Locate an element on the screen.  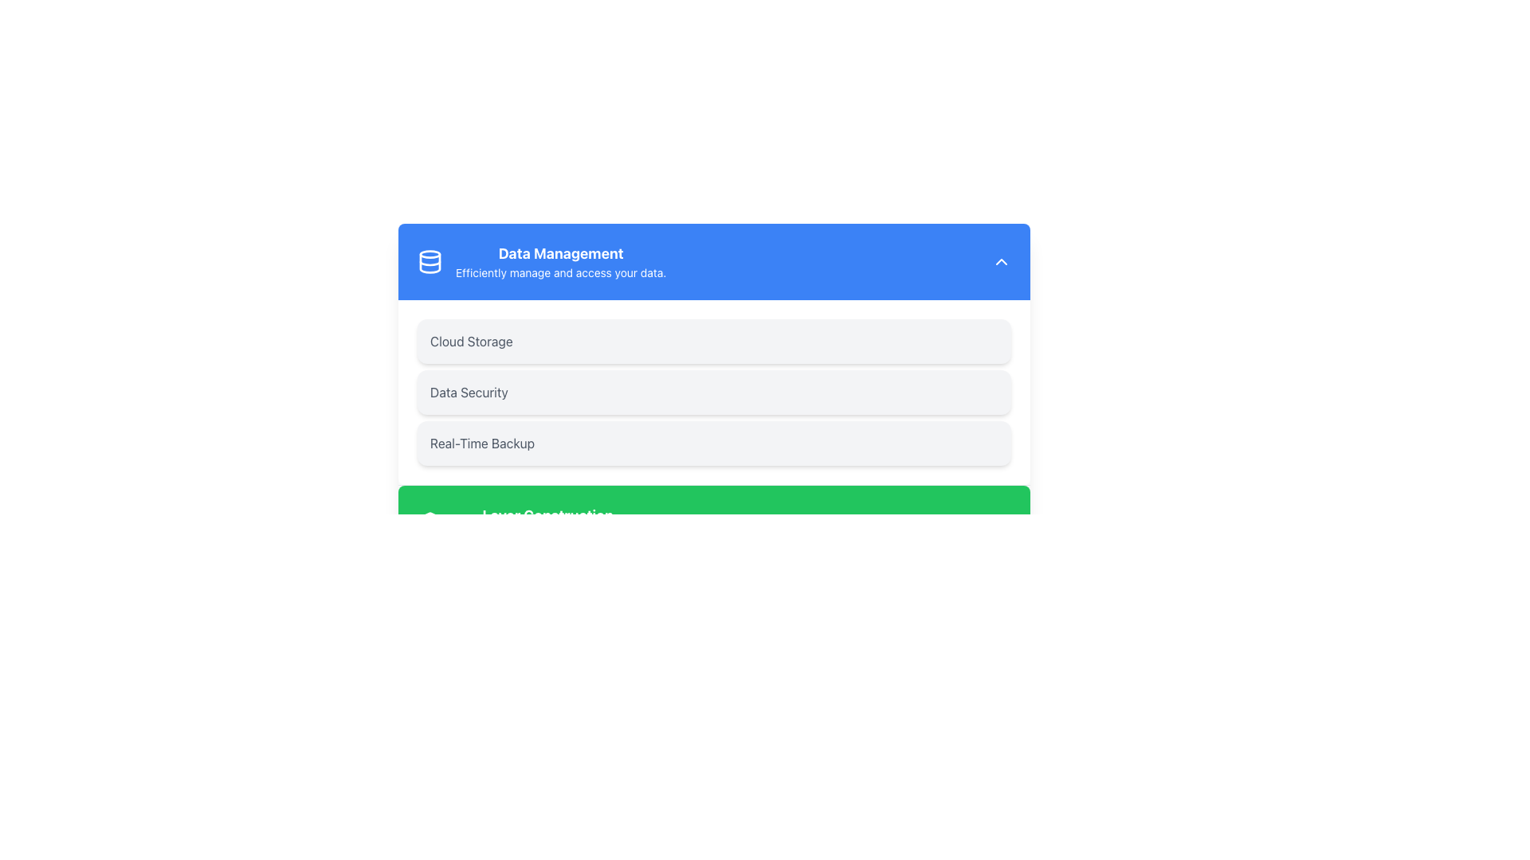
the 'Real-Time Backup' text label, which is the third option under the 'Data Management' section, located below 'Data Security' is located at coordinates (481, 443).